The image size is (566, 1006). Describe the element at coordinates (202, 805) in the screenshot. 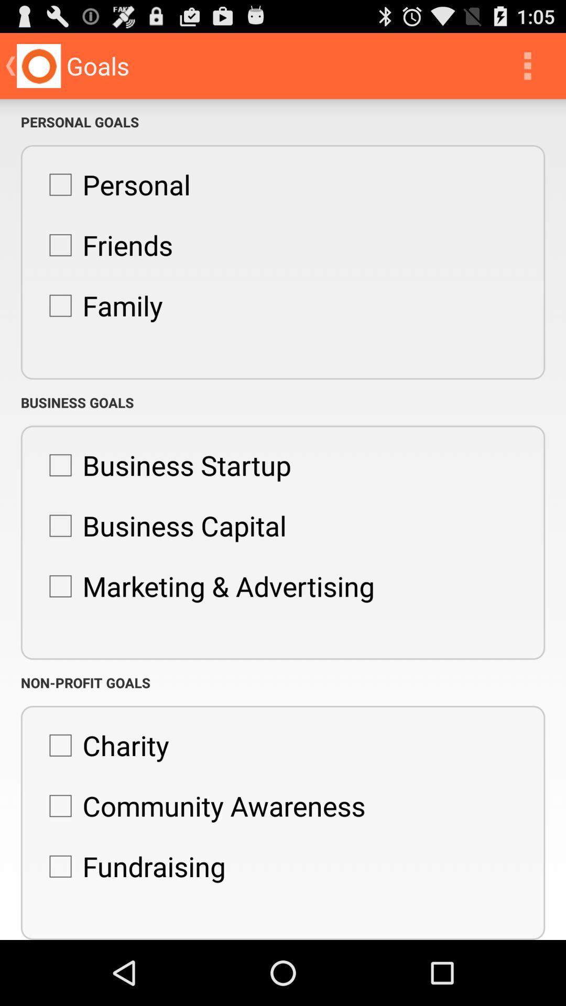

I see `the checkbox above the fundraising icon` at that location.